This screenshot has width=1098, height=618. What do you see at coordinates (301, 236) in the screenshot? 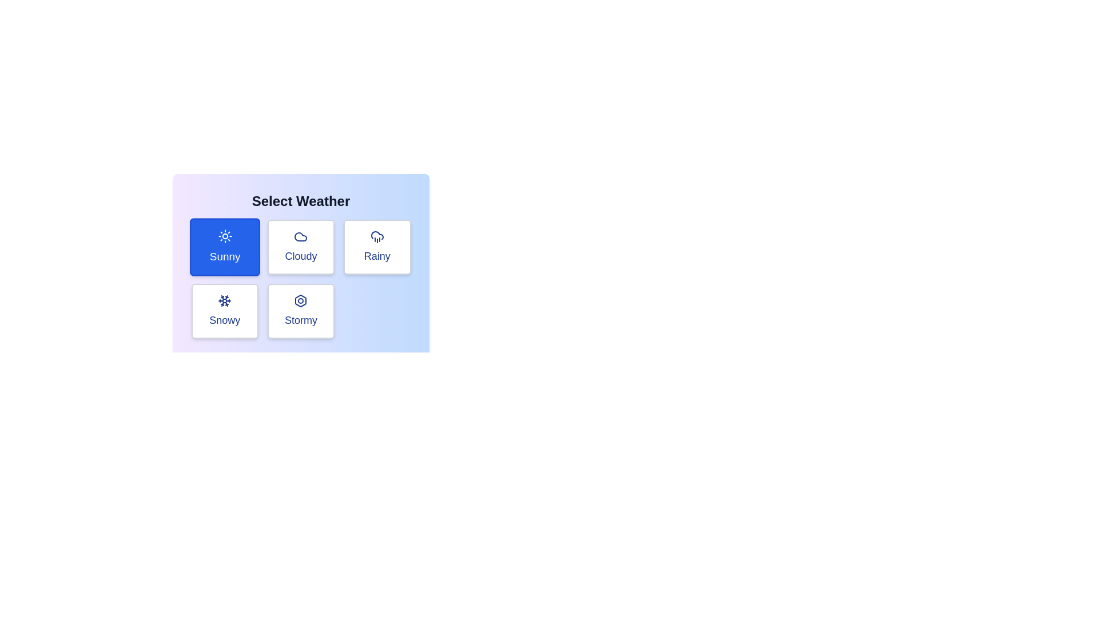
I see `the decorative 'Cloudy' weather icon located in the top row, second column of the weather options grid` at bounding box center [301, 236].